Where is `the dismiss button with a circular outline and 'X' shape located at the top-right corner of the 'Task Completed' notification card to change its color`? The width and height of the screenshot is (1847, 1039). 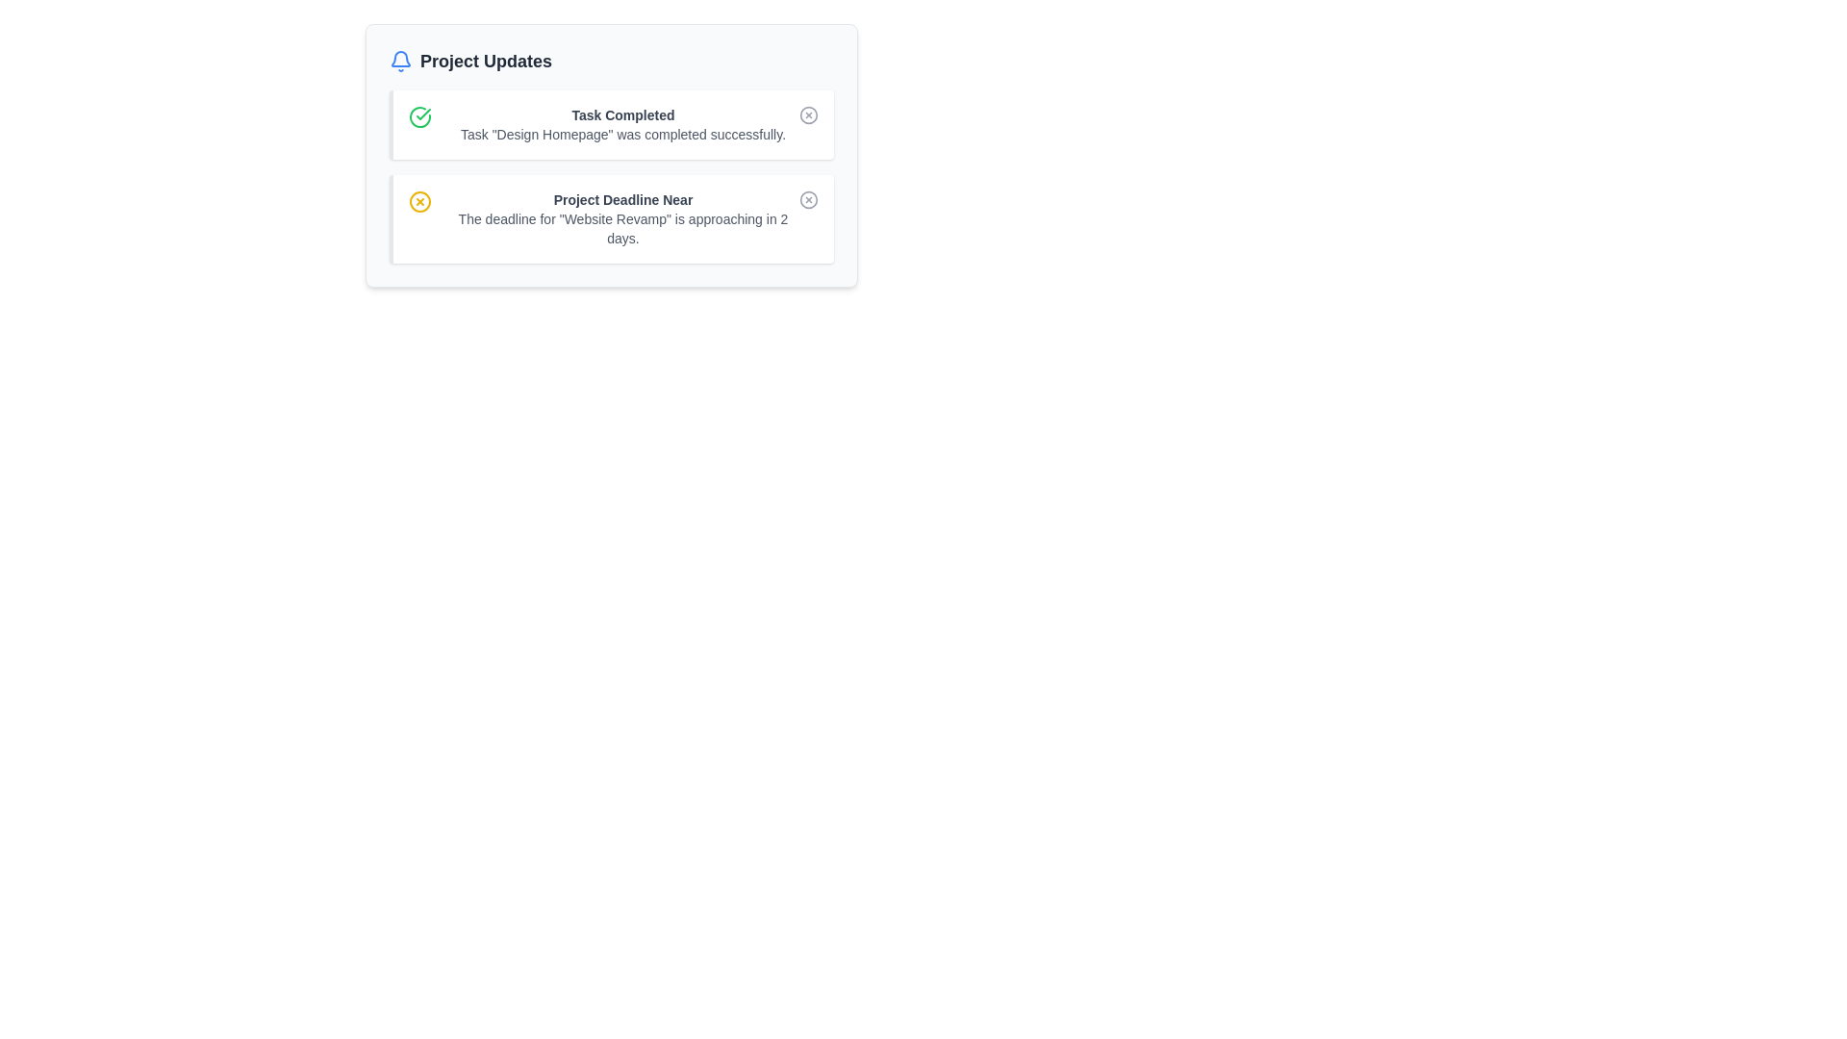
the dismiss button with a circular outline and 'X' shape located at the top-right corner of the 'Task Completed' notification card to change its color is located at coordinates (808, 114).